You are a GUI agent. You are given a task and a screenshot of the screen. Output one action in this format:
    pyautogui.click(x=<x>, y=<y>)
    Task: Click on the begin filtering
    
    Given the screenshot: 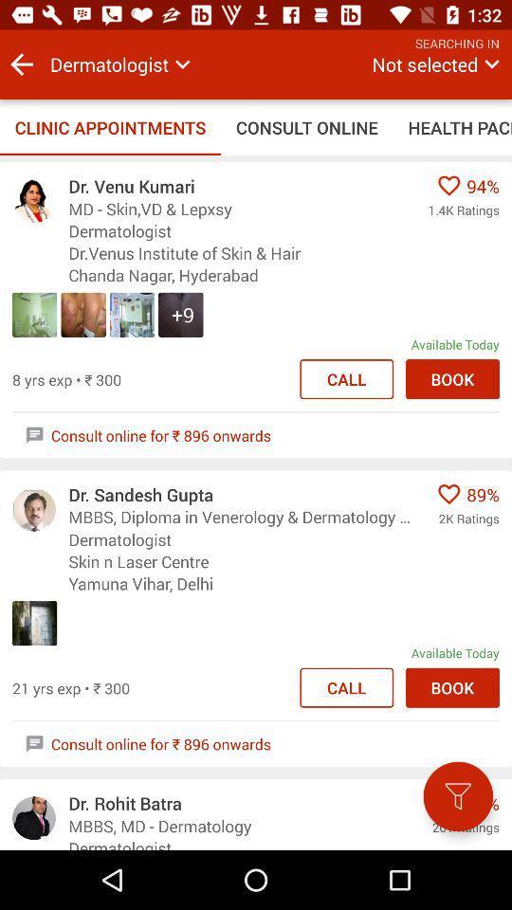 What is the action you would take?
    pyautogui.click(x=457, y=796)
    